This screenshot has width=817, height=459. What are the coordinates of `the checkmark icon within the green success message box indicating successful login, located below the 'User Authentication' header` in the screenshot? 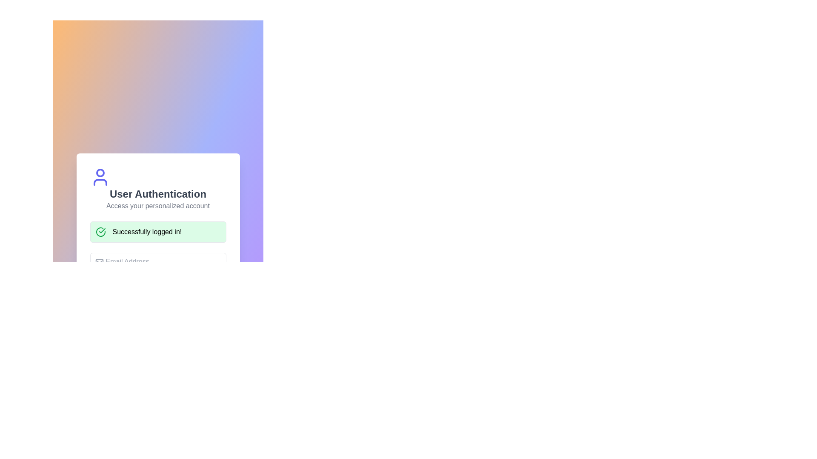 It's located at (102, 231).